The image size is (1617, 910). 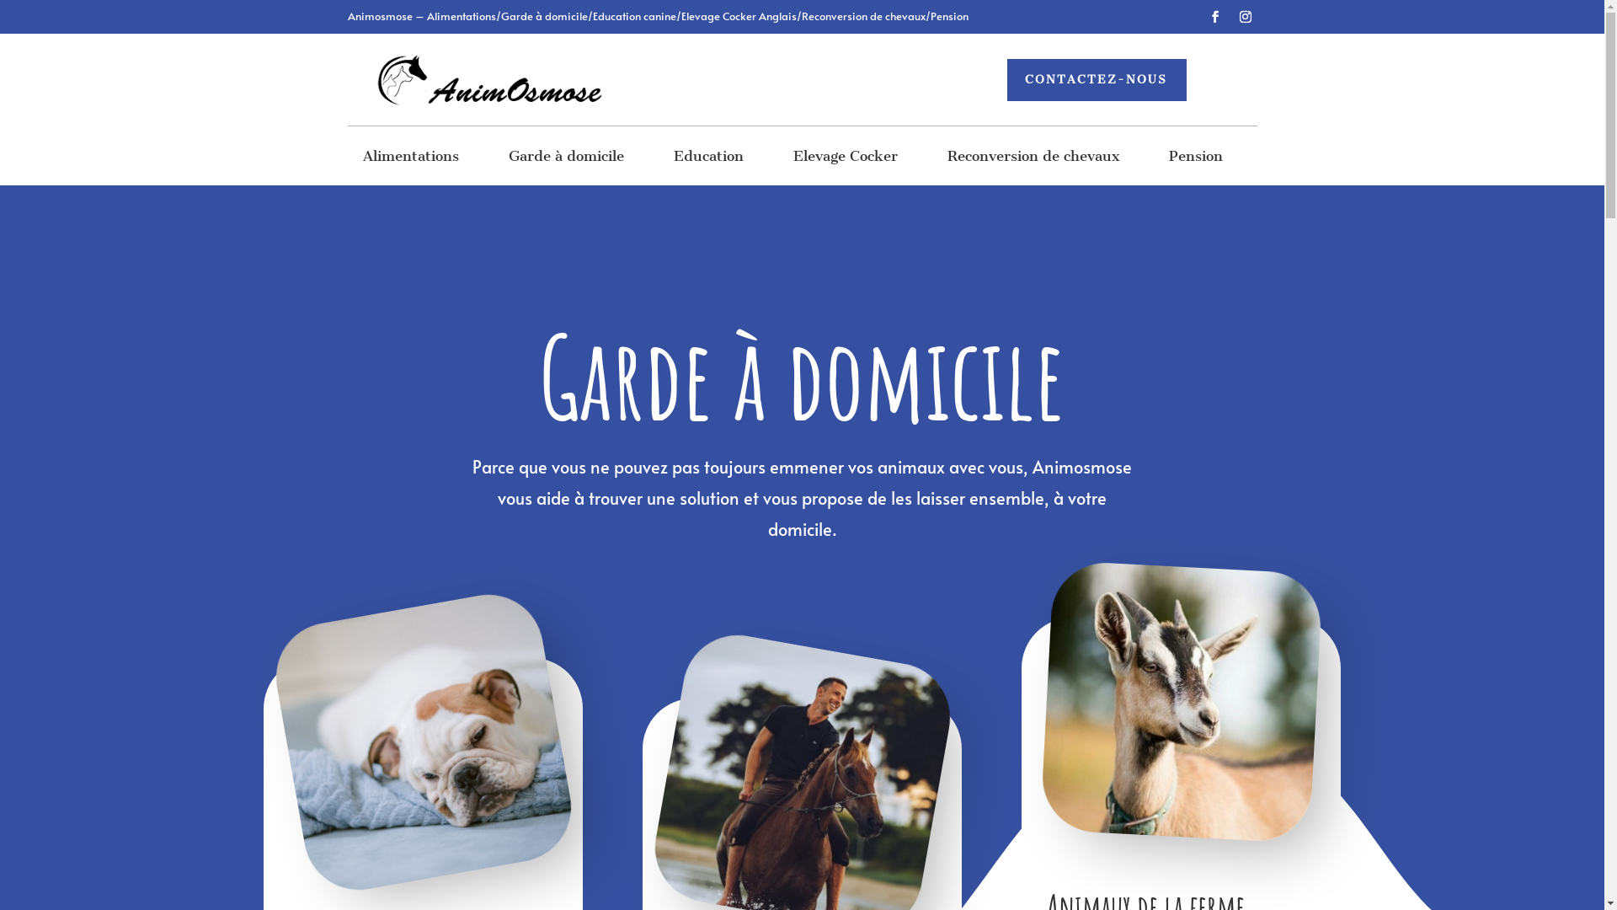 What do you see at coordinates (400, 720) in the screenshot?
I see `'dog-walker-24'` at bounding box center [400, 720].